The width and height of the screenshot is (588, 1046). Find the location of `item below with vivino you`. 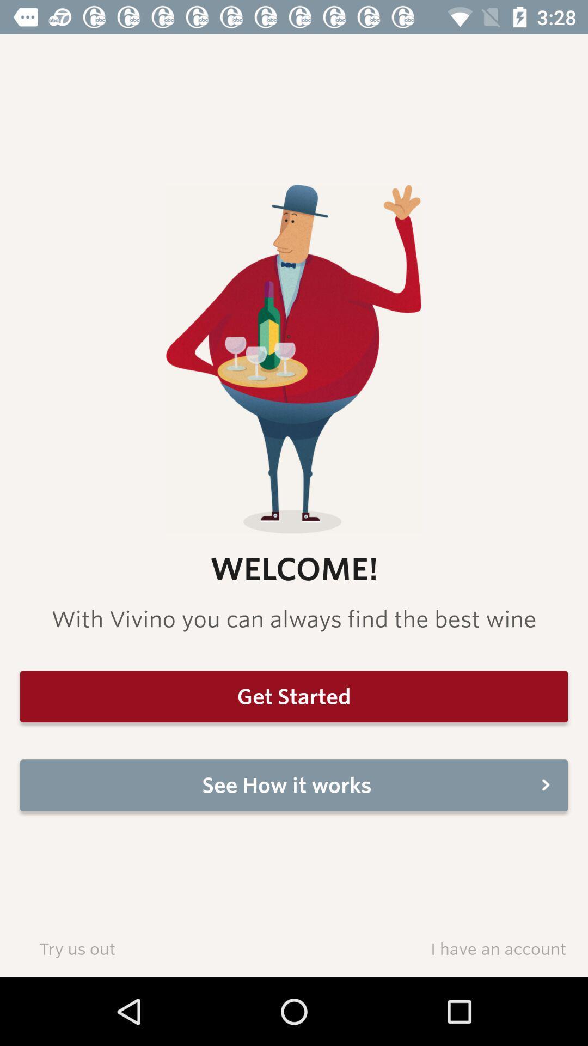

item below with vivino you is located at coordinates (294, 696).